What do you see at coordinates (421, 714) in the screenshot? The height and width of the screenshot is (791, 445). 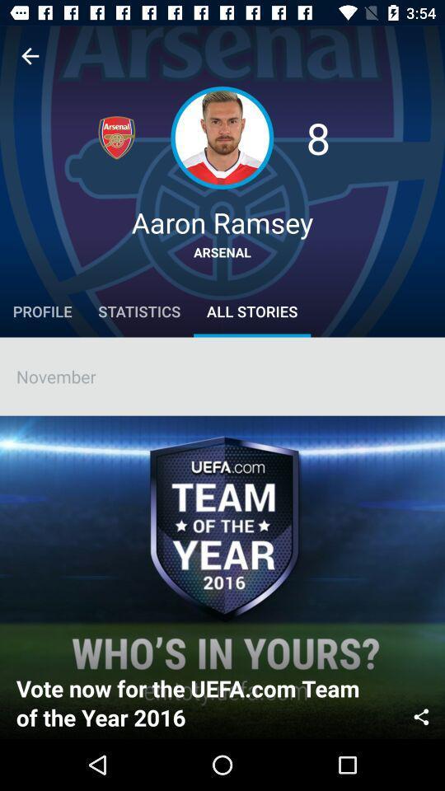 I see `the item to the right of vote now for icon` at bounding box center [421, 714].